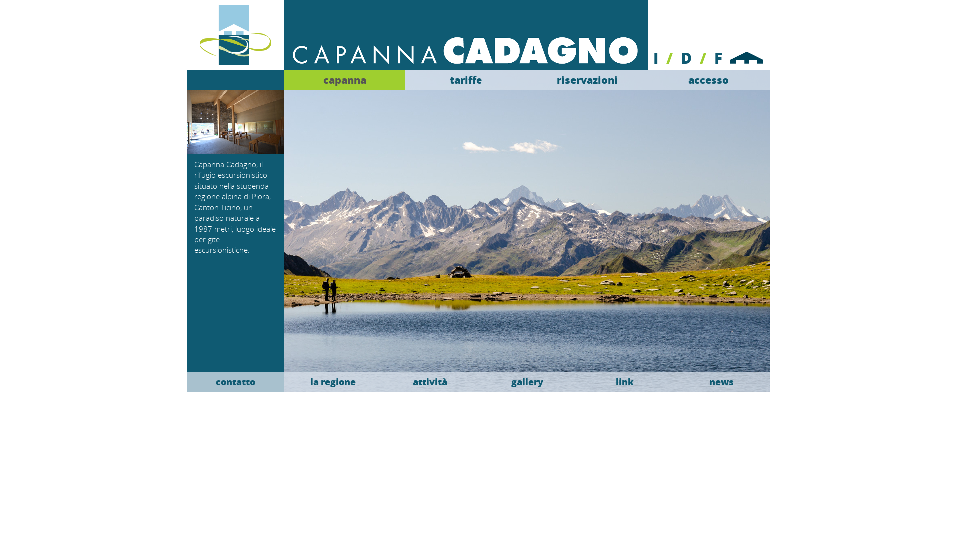 The height and width of the screenshot is (538, 957). Describe the element at coordinates (576, 381) in the screenshot. I see `'link'` at that location.